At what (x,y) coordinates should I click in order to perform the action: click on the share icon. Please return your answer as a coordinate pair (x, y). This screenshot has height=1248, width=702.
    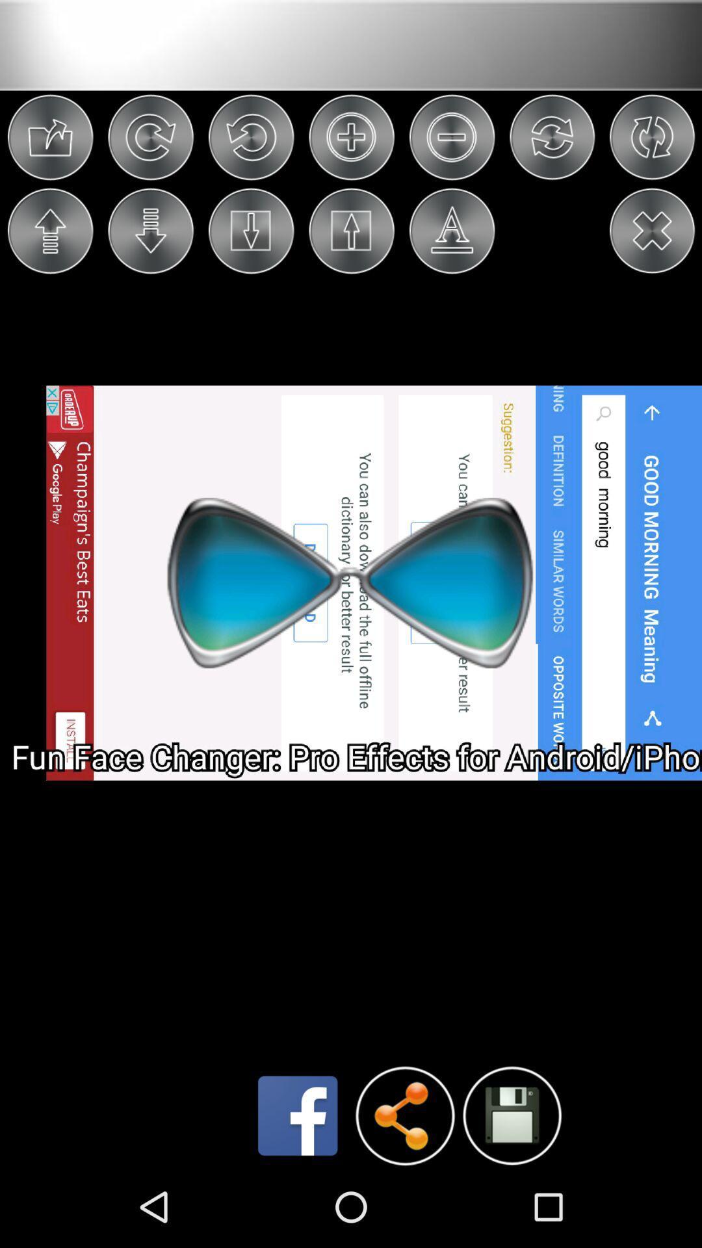
    Looking at the image, I should click on (404, 1194).